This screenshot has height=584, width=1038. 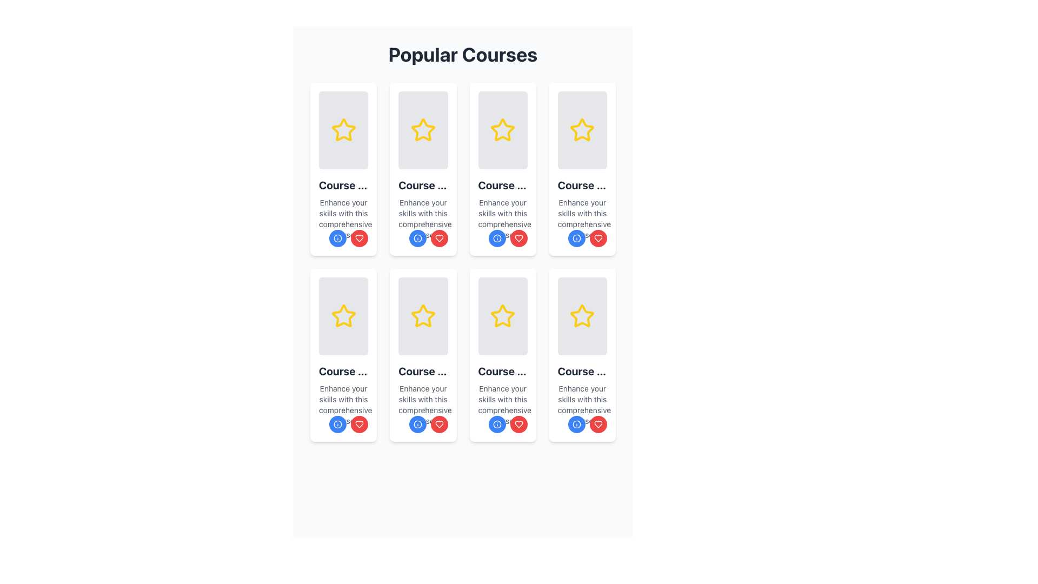 What do you see at coordinates (582, 316) in the screenshot?
I see `the interactive favorite or rating icon located at the top-center part of the card in the fourth row and fourth column of the grid layout` at bounding box center [582, 316].